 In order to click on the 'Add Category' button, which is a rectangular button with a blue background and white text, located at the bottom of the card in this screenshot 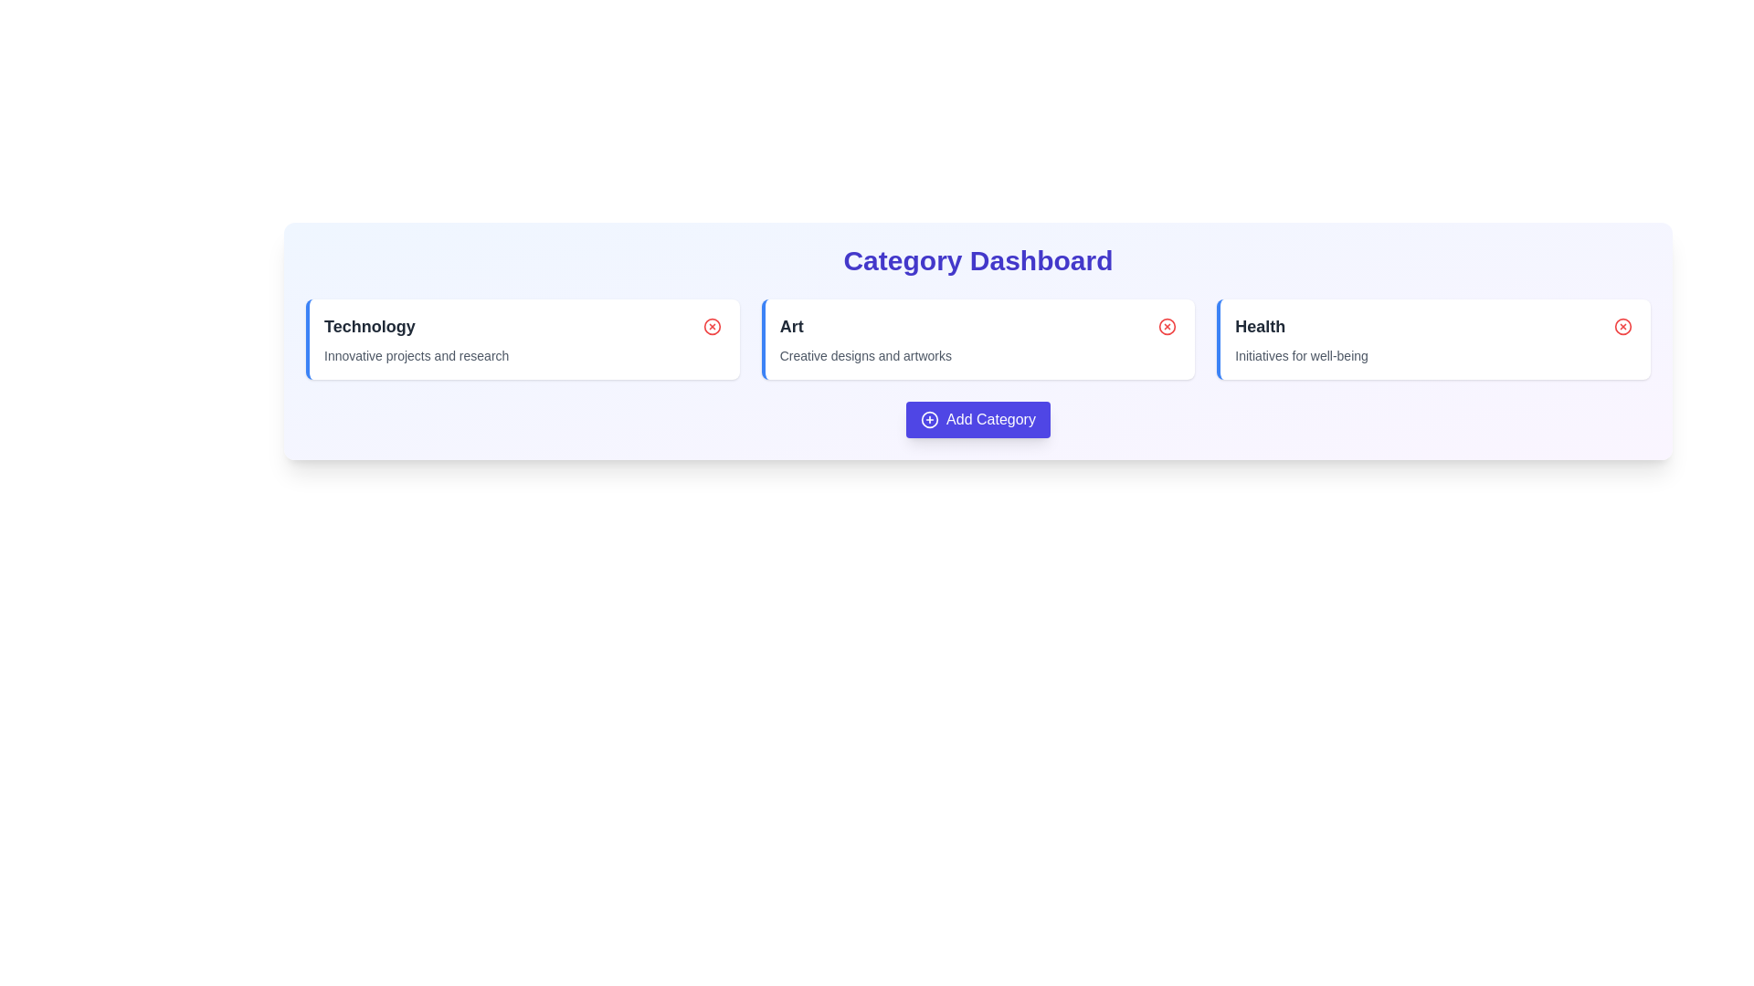, I will do `click(977, 419)`.